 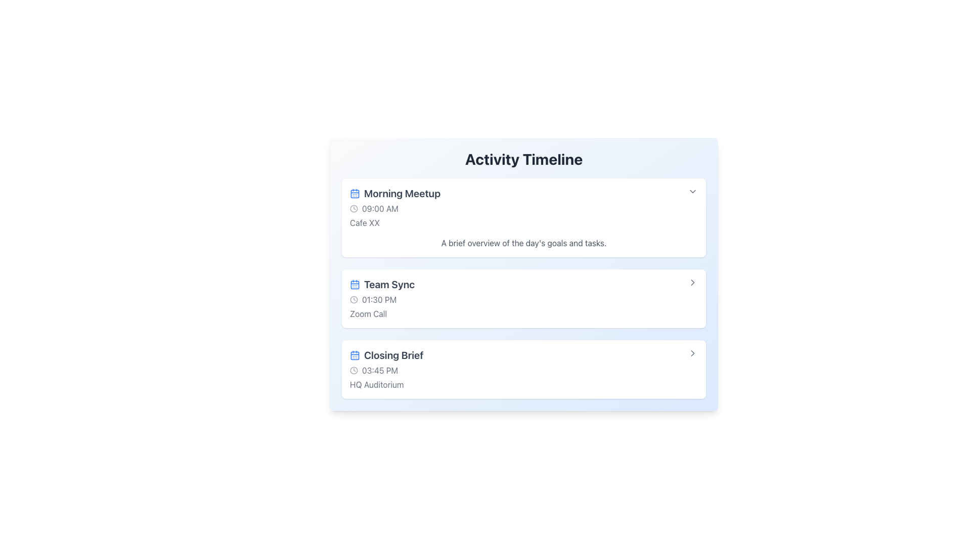 What do you see at coordinates (524, 298) in the screenshot?
I see `the second list item in the vertical timeline layout that provides details about a scheduled meeting or event` at bounding box center [524, 298].